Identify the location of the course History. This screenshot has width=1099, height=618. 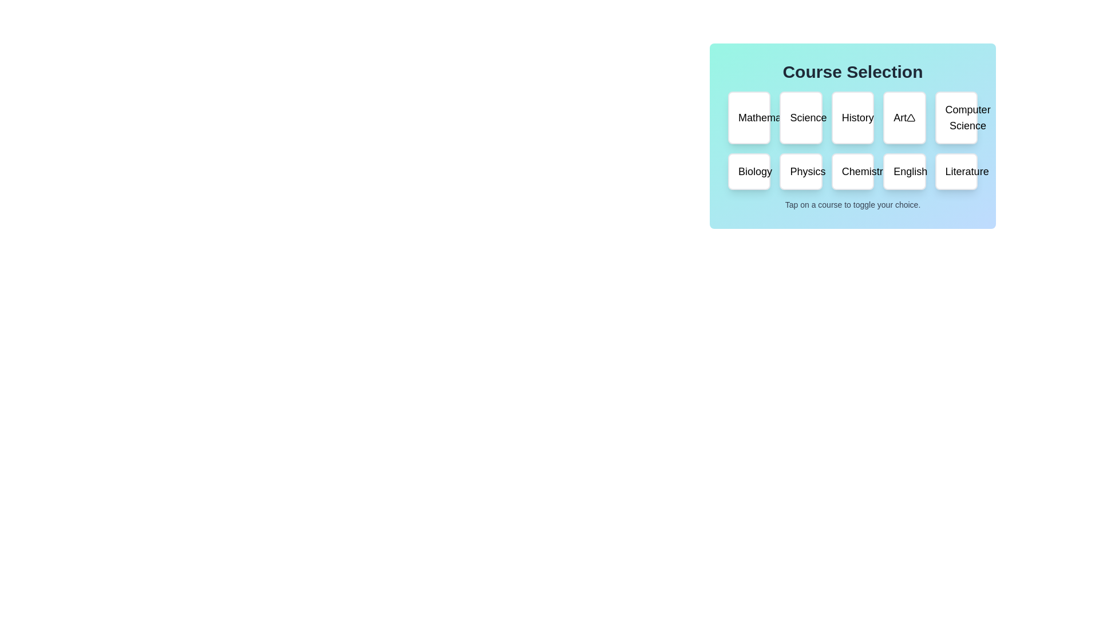
(852, 117).